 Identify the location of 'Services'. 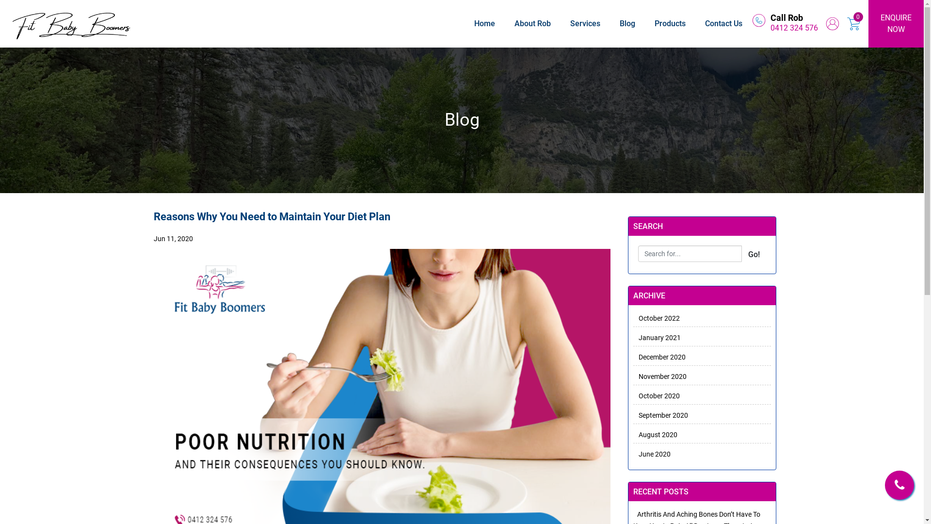
(584, 23).